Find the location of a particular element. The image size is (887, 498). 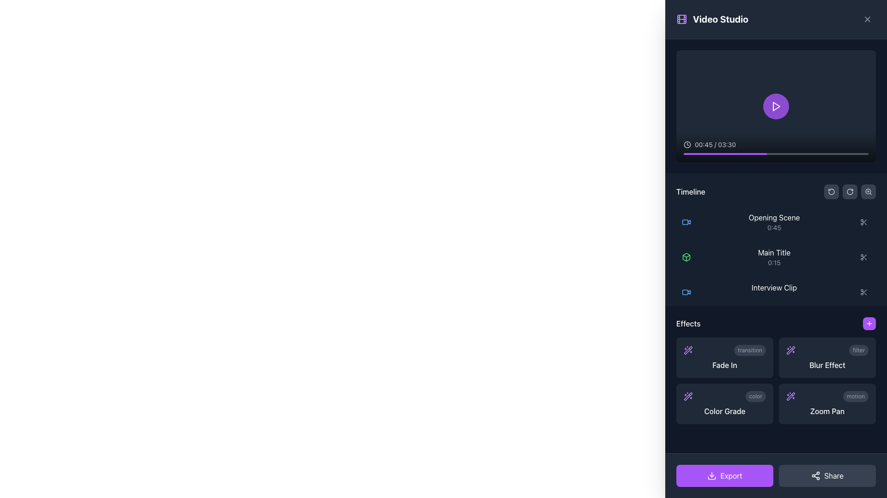

the prominent purple 'Export' button with rounded corners and white text to trigger animations or tooltips is located at coordinates (724, 476).